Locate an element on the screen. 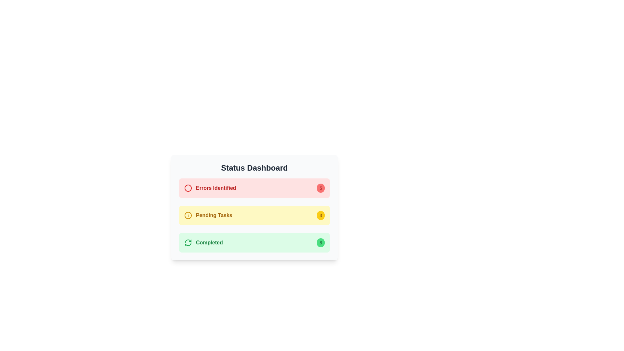  the Status indicator card that summarizes the count of identified errors, positioned at the top of the vertical list of status summaries is located at coordinates (254, 188).